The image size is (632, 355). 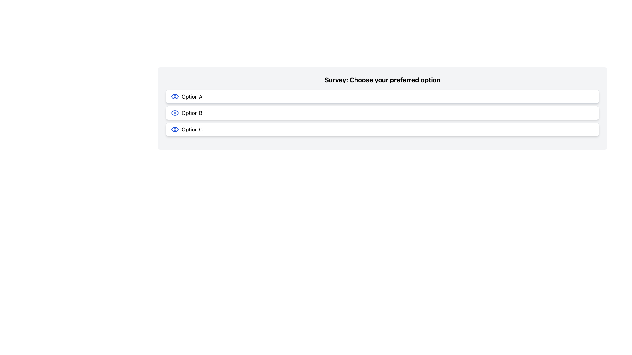 What do you see at coordinates (175, 112) in the screenshot?
I see `the circular blue eye icon located to the left of the text 'Option B'` at bounding box center [175, 112].